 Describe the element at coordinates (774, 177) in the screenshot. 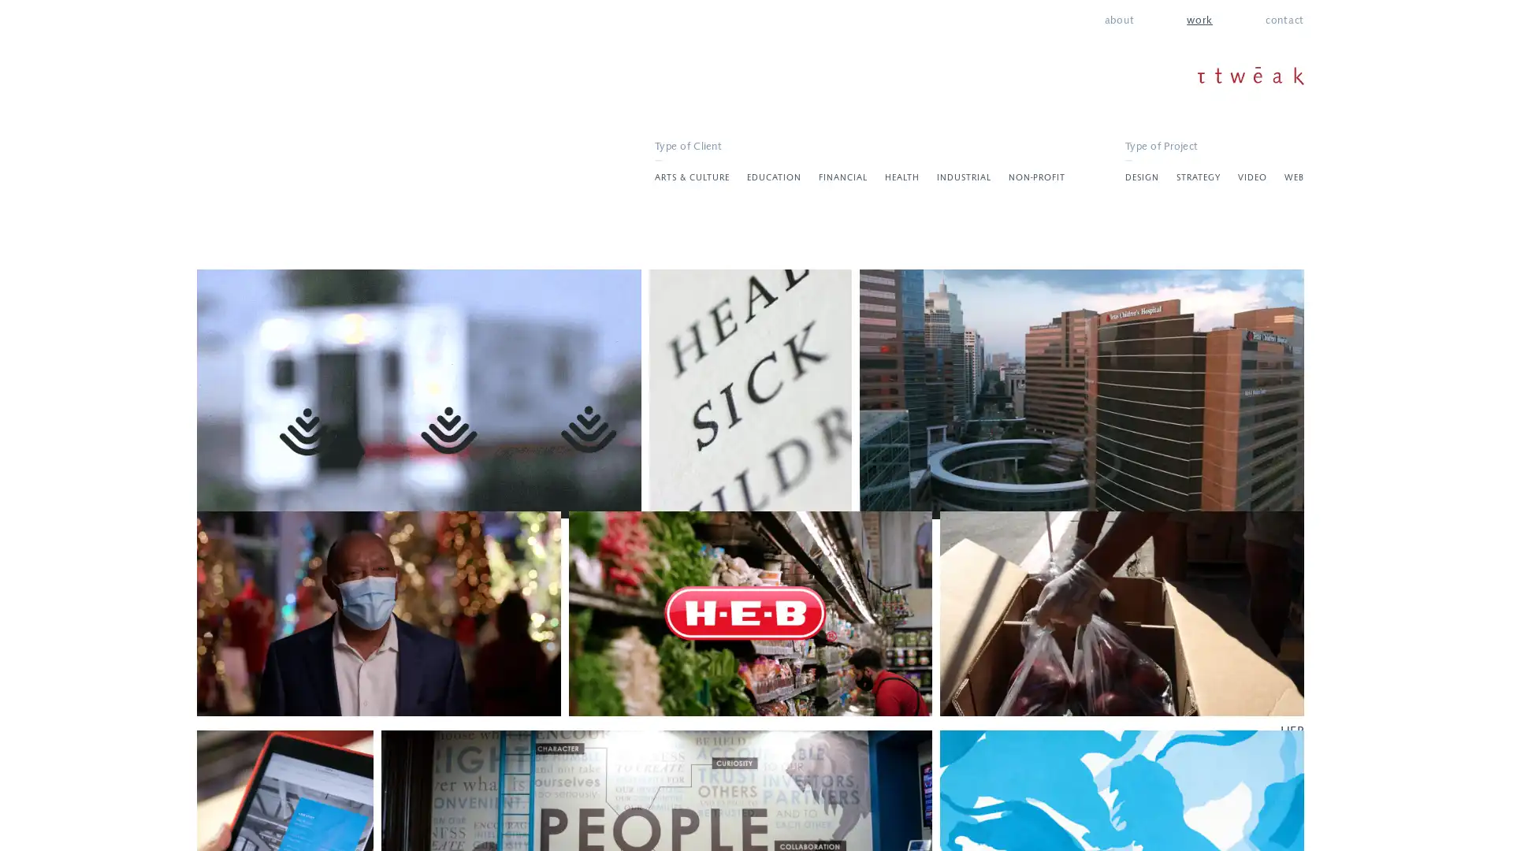

I see `EDUCATION` at that location.